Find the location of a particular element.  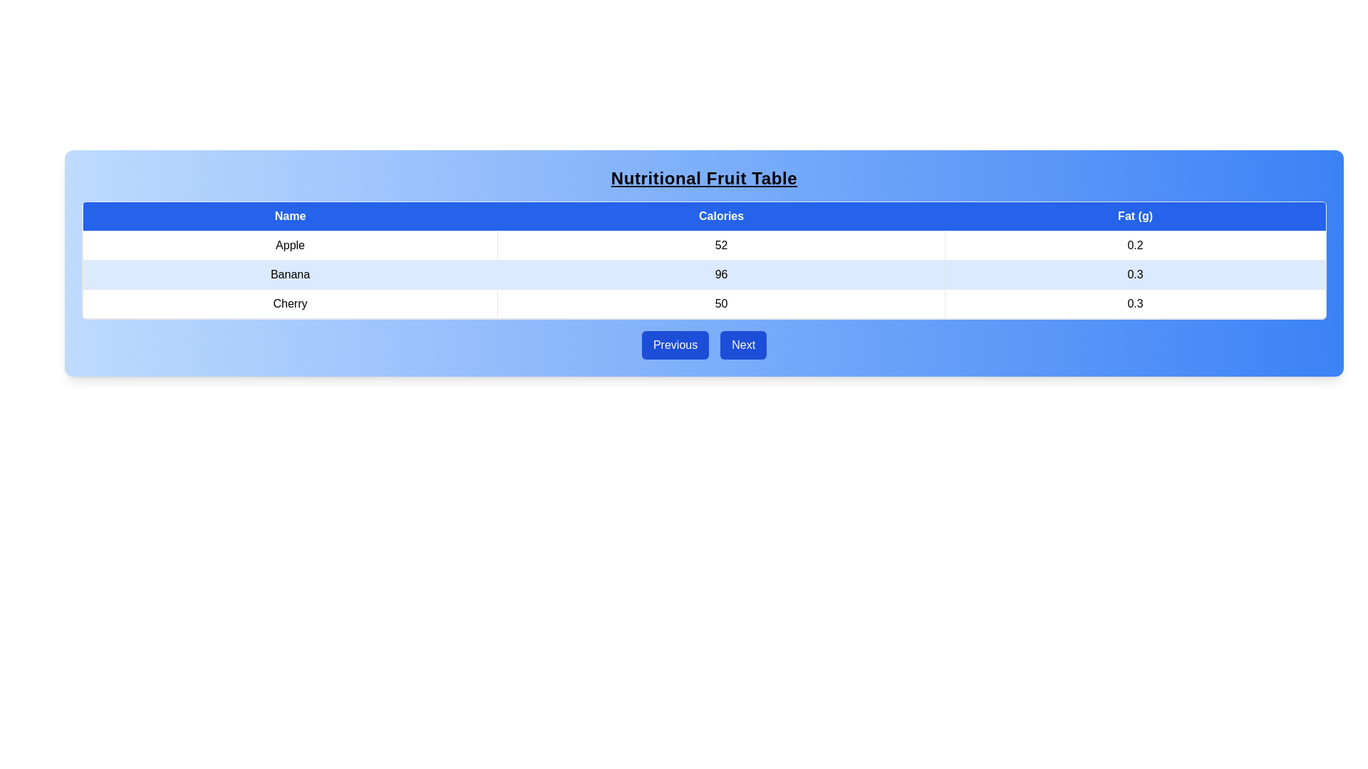

the table cell displaying the calorie value '96' for the item 'Banana', which is the second cell in the 'Calories' column of the table is located at coordinates (721, 274).